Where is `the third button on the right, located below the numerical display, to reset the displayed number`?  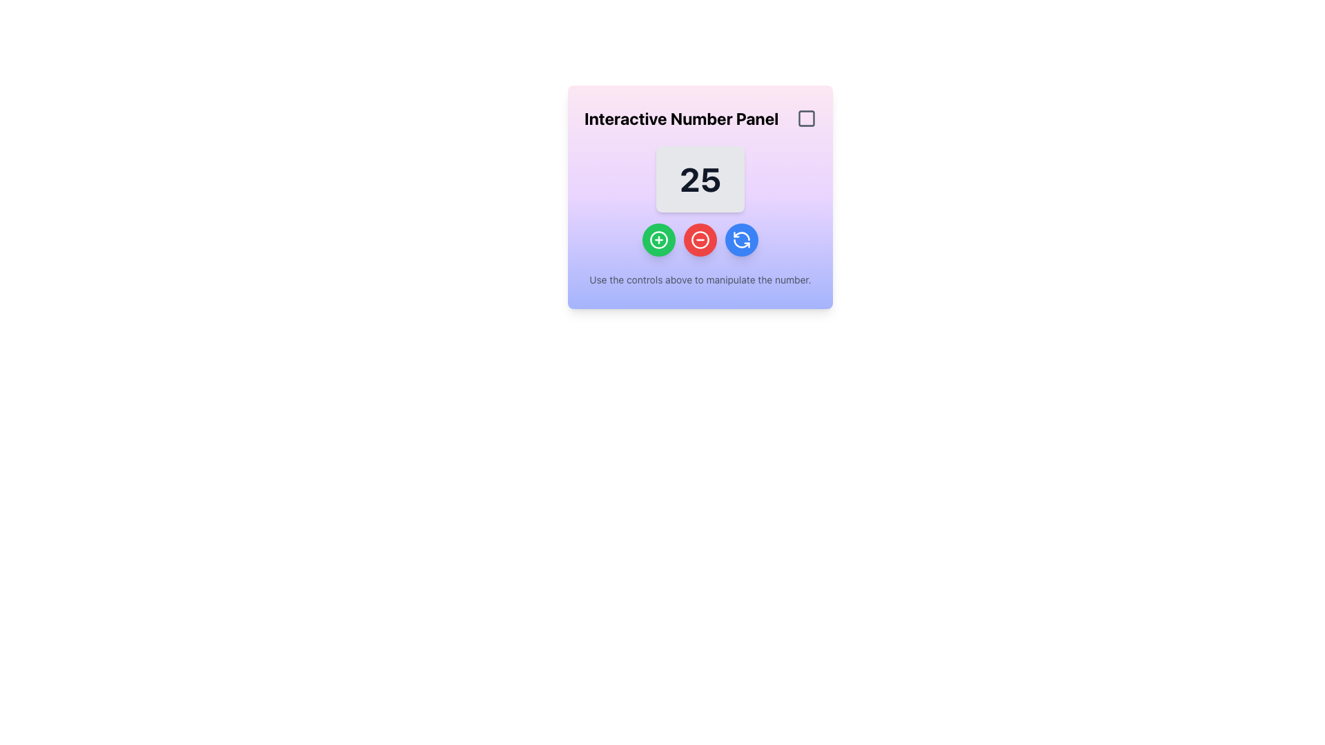
the third button on the right, located below the numerical display, to reset the displayed number is located at coordinates (741, 239).